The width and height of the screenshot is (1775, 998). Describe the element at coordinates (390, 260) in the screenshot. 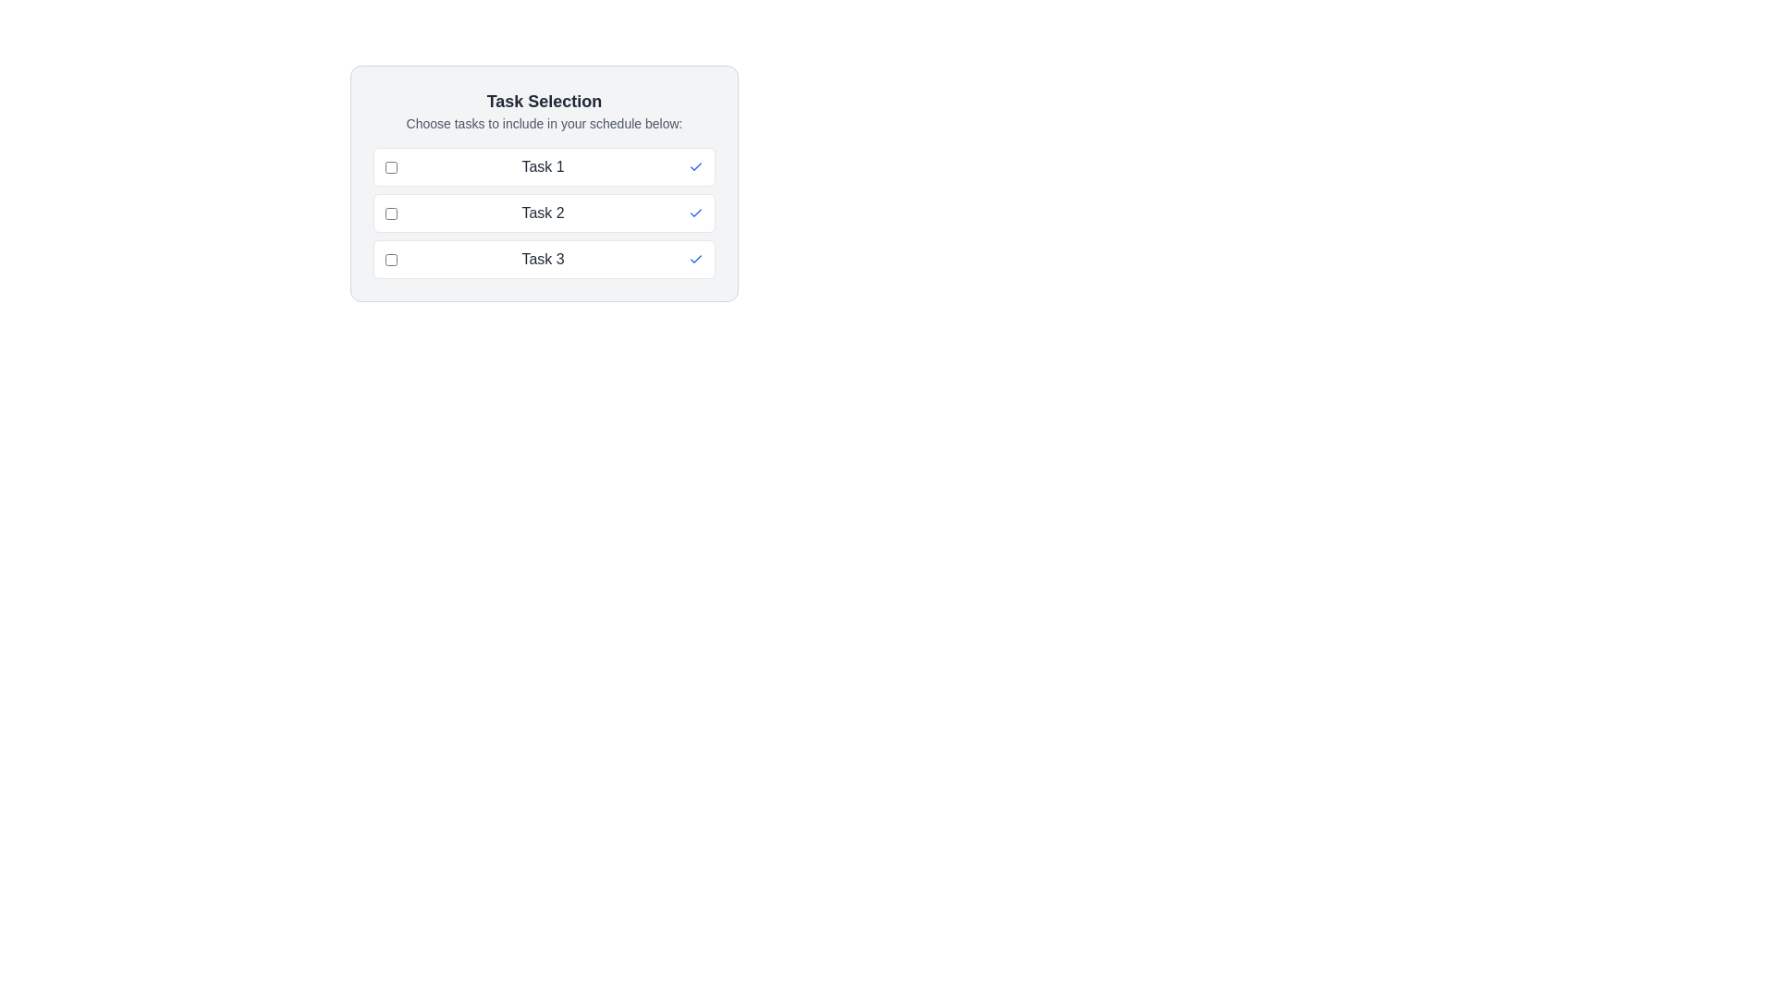

I see `the checkbox located in the third row of the task selection list` at that location.